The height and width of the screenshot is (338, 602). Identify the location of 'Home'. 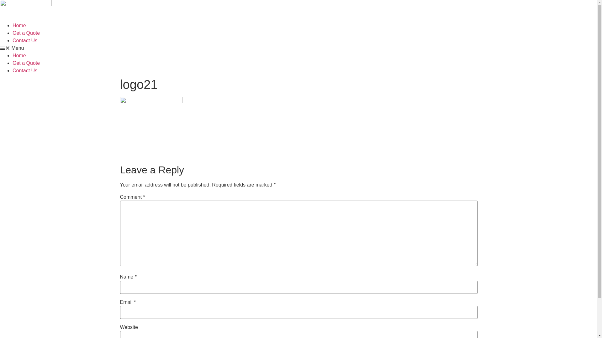
(19, 55).